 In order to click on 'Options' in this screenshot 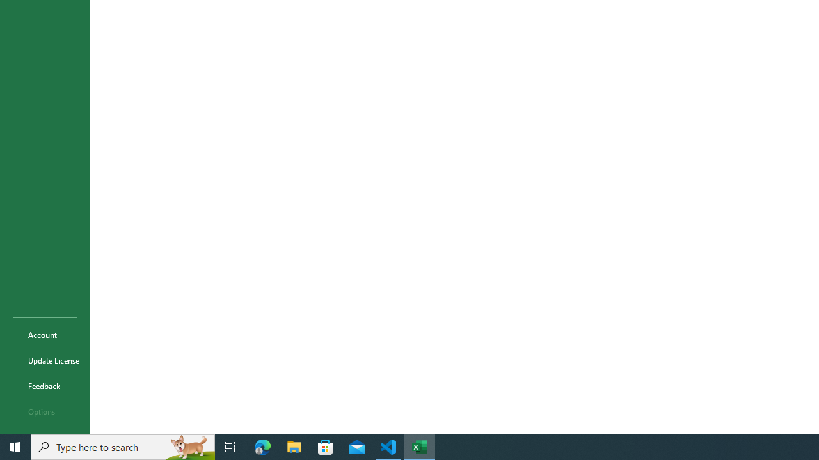, I will do `click(44, 411)`.